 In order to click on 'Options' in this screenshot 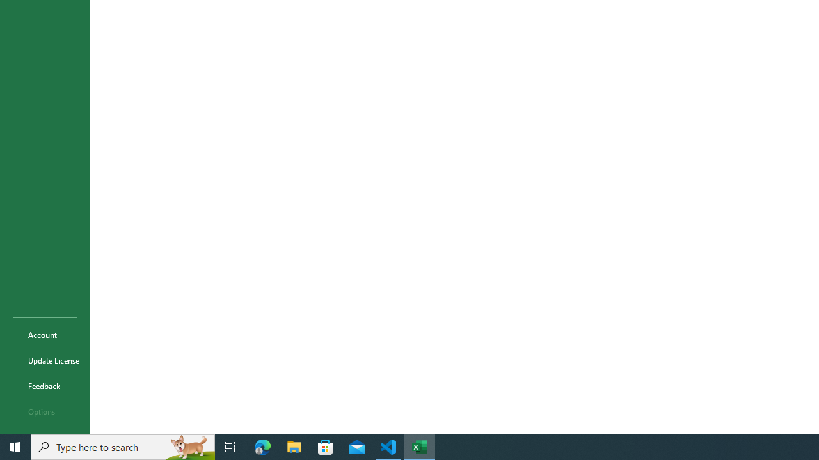, I will do `click(44, 411)`.